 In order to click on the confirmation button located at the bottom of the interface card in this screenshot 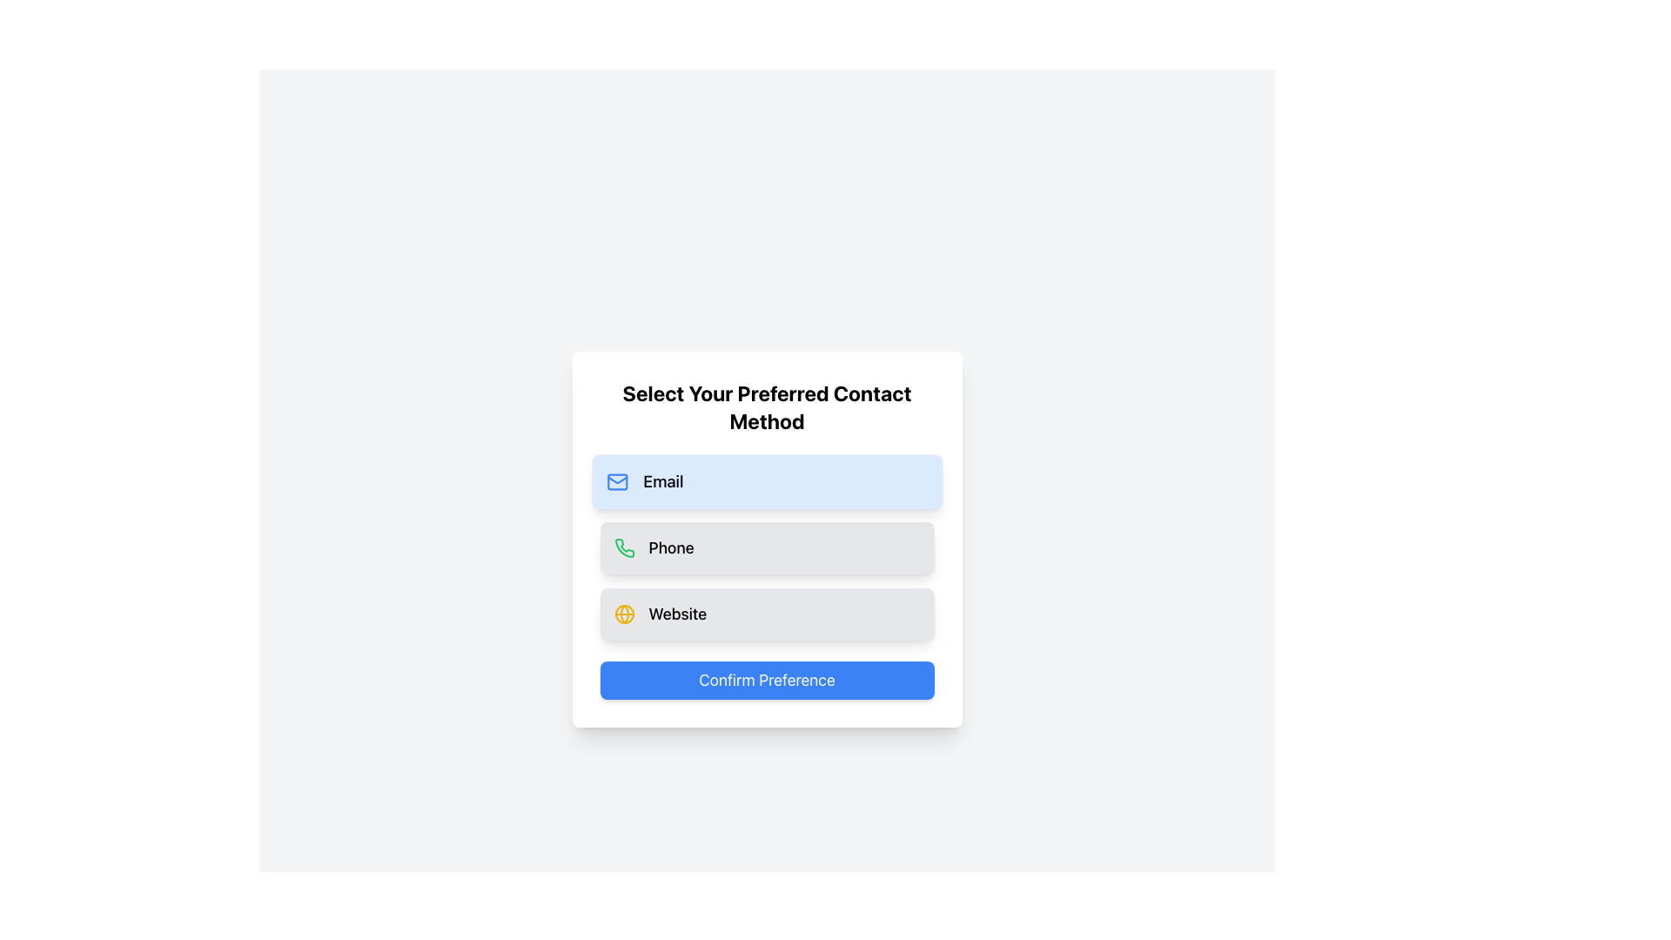, I will do `click(766, 680)`.